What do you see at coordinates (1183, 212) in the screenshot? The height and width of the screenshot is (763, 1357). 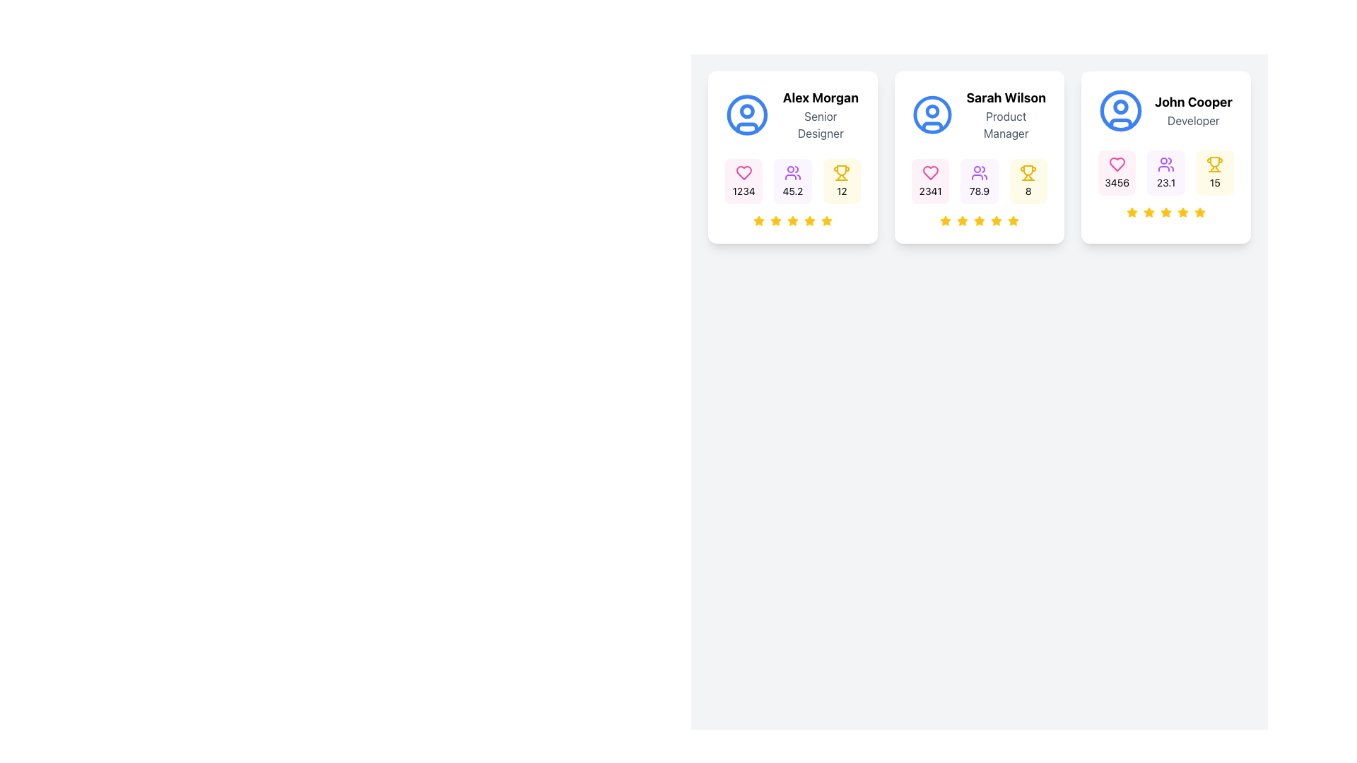 I see `the 5th star icon in the visual rating system for 'John Cooper' to indicate the user's score or performance` at bounding box center [1183, 212].